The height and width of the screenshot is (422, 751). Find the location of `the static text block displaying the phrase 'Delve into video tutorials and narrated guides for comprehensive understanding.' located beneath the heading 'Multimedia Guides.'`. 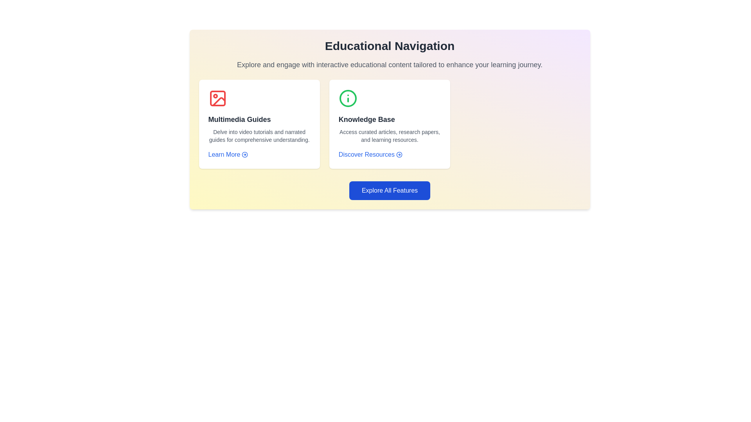

the static text block displaying the phrase 'Delve into video tutorials and narrated guides for comprehensive understanding.' located beneath the heading 'Multimedia Guides.' is located at coordinates (259, 135).